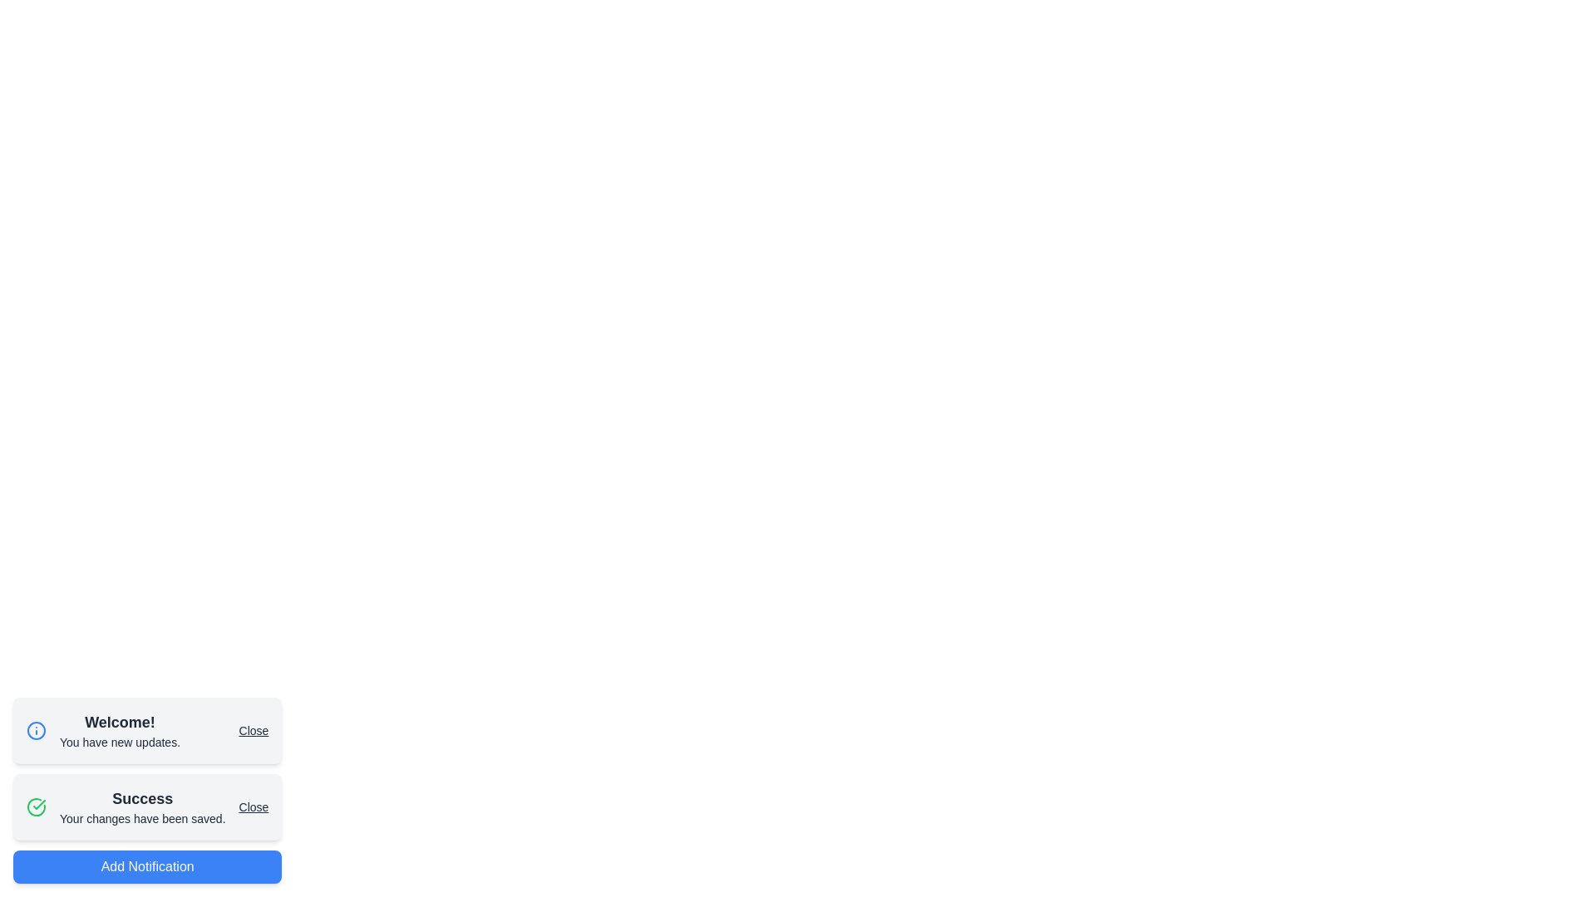 This screenshot has width=1596, height=897. What do you see at coordinates (36, 729) in the screenshot?
I see `the circular blue outlined icon resembling an information symbol, located to the left of the 'Welcome!' notification text` at bounding box center [36, 729].